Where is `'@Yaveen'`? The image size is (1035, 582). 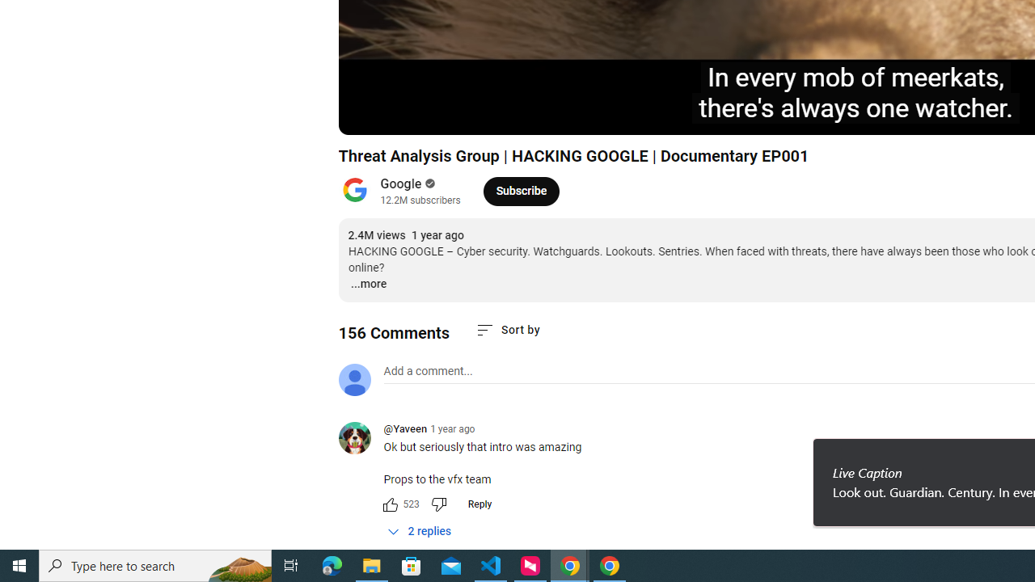
'@Yaveen' is located at coordinates (360, 439).